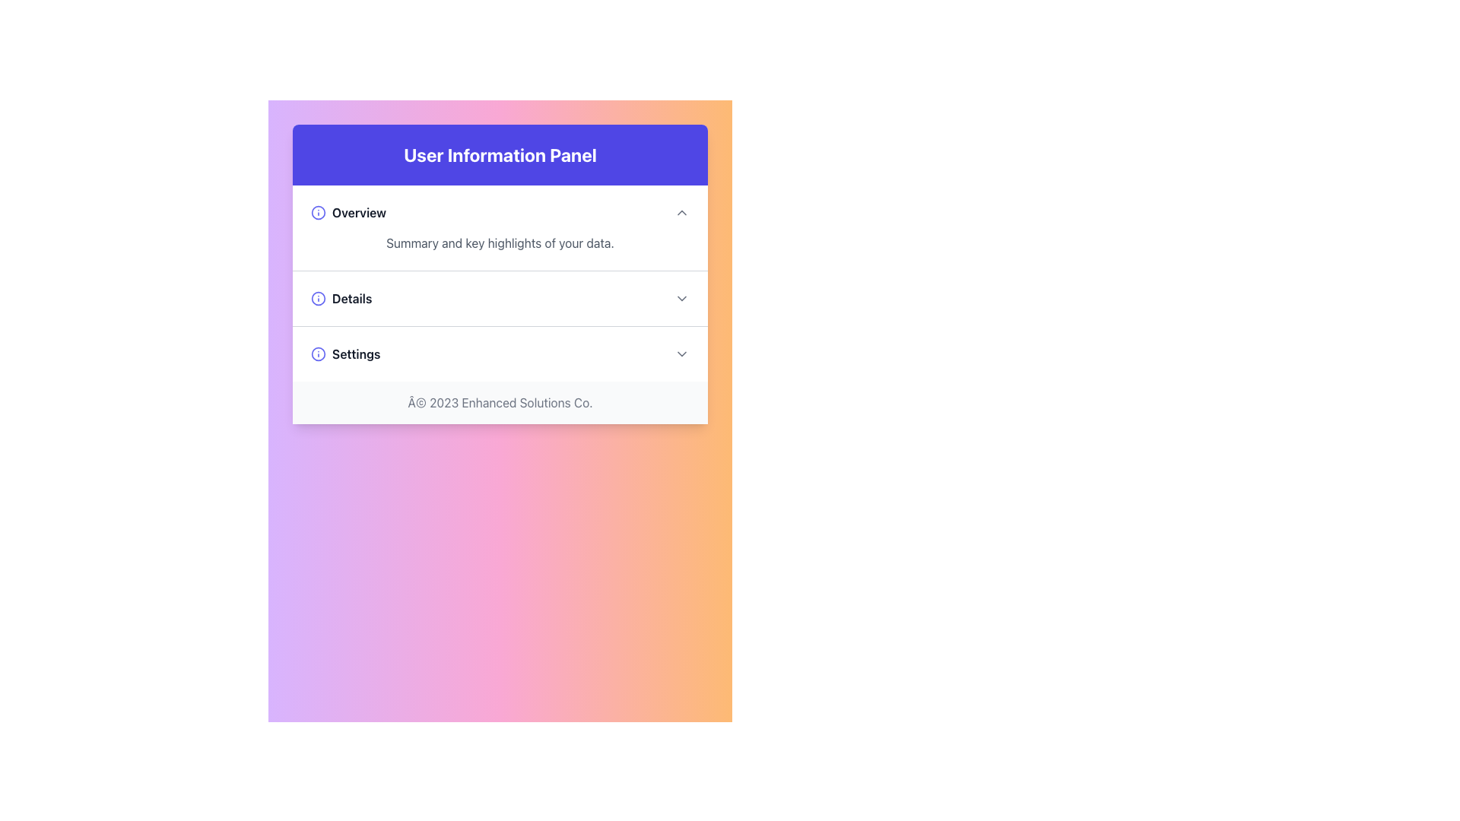 The width and height of the screenshot is (1460, 821). I want to click on the static text element displaying '© 2023 Enhanced Solutions Co.' at the bottom of the User Information Panel, so click(500, 401).